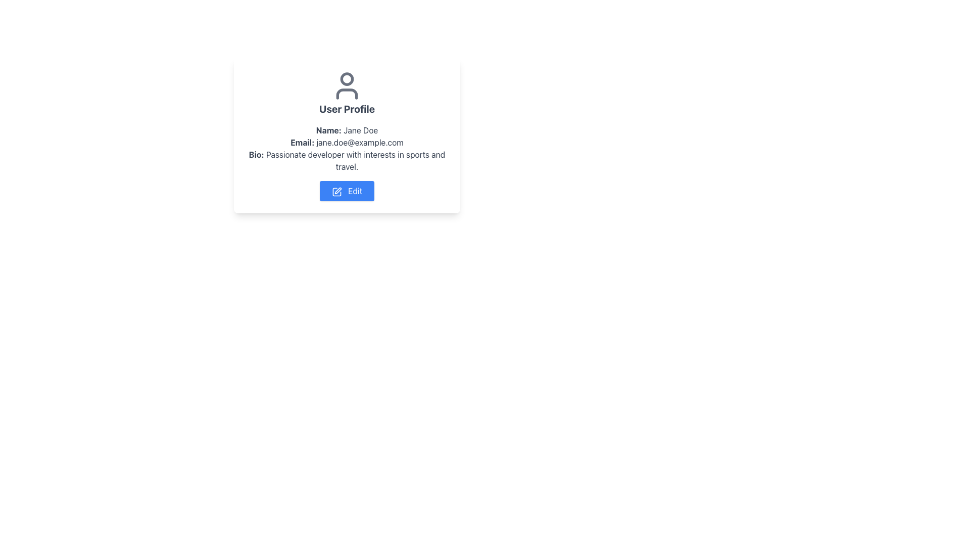 The image size is (970, 546). Describe the element at coordinates (337, 192) in the screenshot. I see `the decorative 'Edit' icon located to the left of the 'Edit' text within the button at the bottom of the user profile card` at that location.